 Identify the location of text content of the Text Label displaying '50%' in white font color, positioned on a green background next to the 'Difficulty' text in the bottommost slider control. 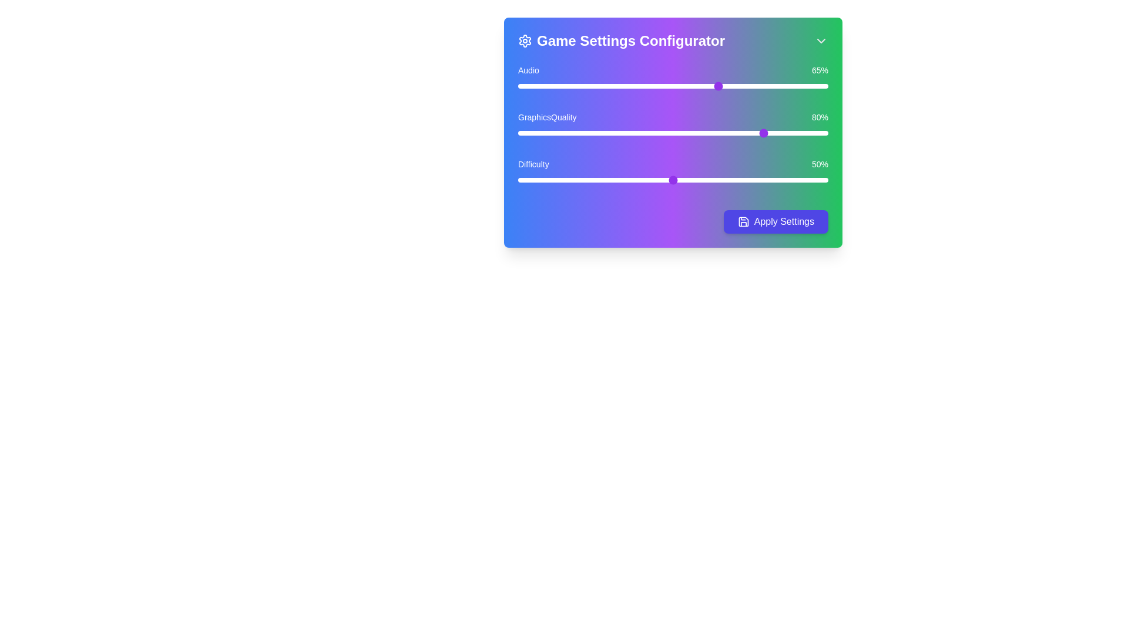
(820, 164).